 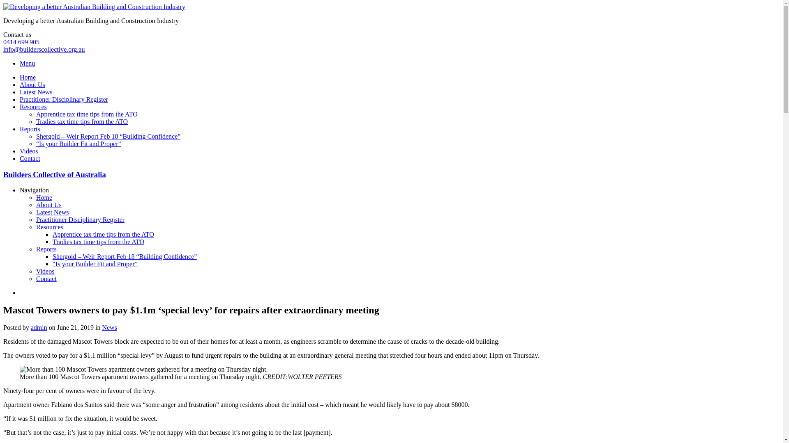 What do you see at coordinates (20, 106) in the screenshot?
I see `'Resources'` at bounding box center [20, 106].